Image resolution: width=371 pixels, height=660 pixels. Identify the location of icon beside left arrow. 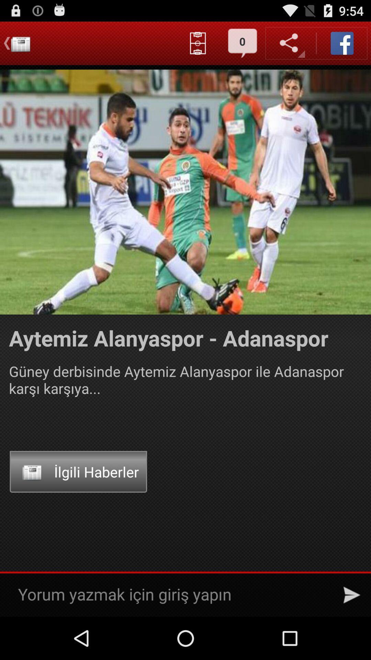
(20, 43).